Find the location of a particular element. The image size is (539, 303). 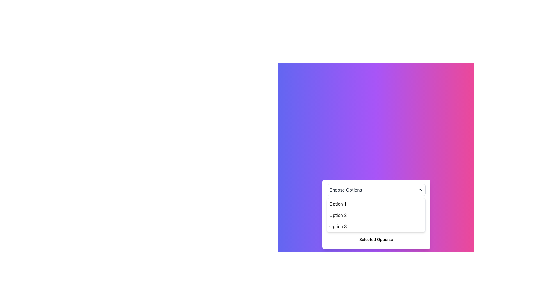

the first selectable option labeled 'Option 1' in the dropdown menu located beneath 'Choose Options' is located at coordinates (337, 204).